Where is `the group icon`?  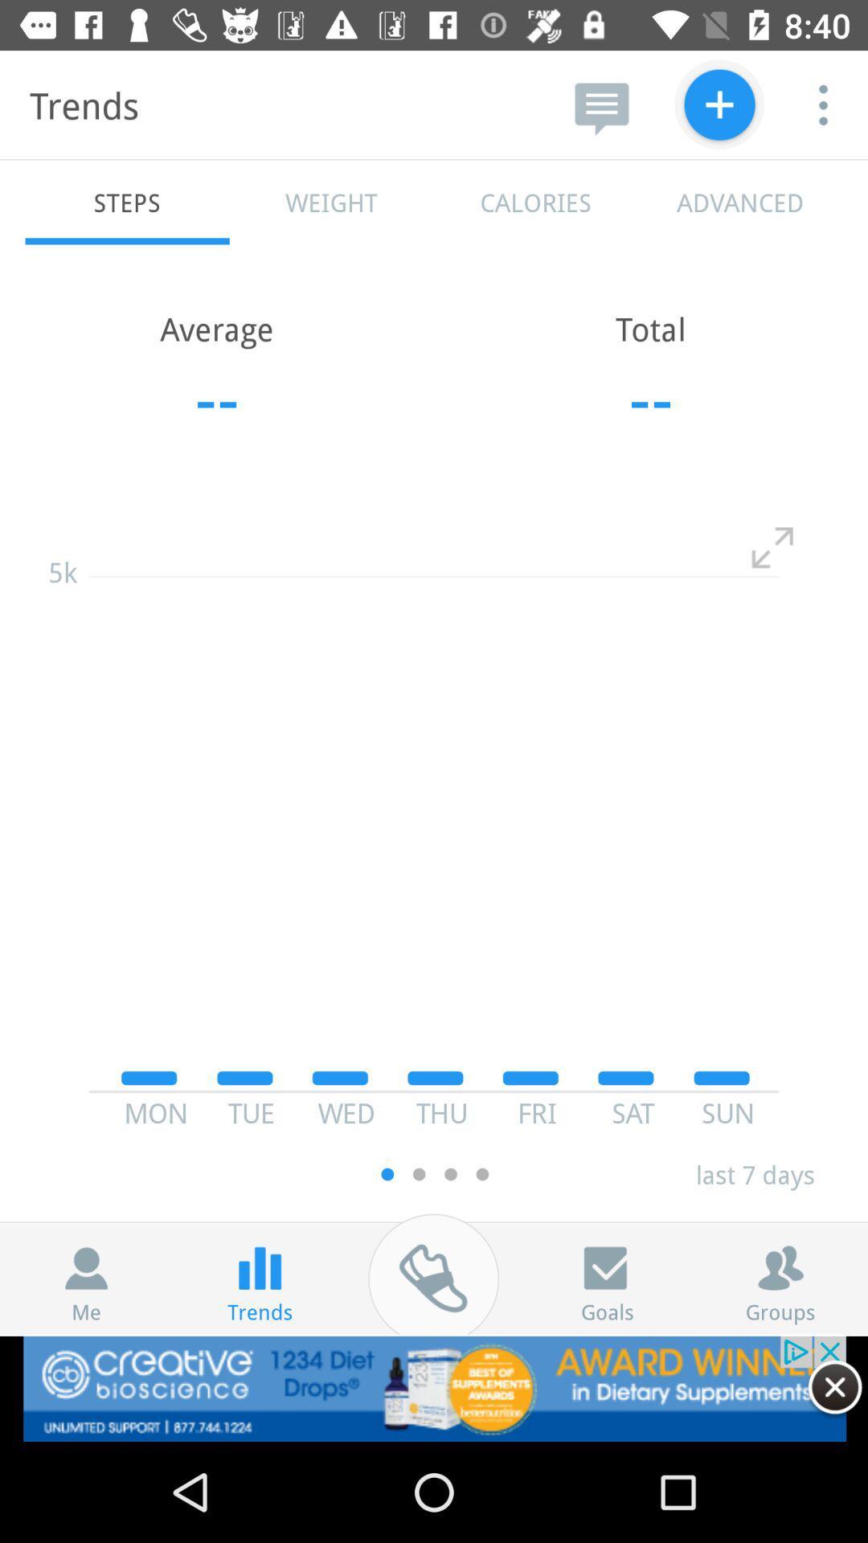 the group icon is located at coordinates (780, 1267).